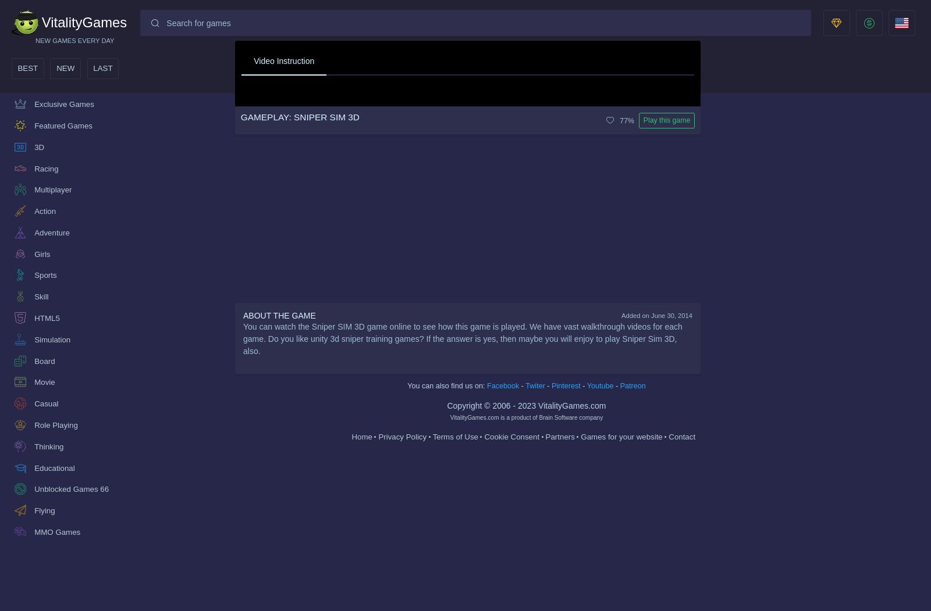 The height and width of the screenshot is (611, 931). What do you see at coordinates (41, 296) in the screenshot?
I see `'Skill'` at bounding box center [41, 296].